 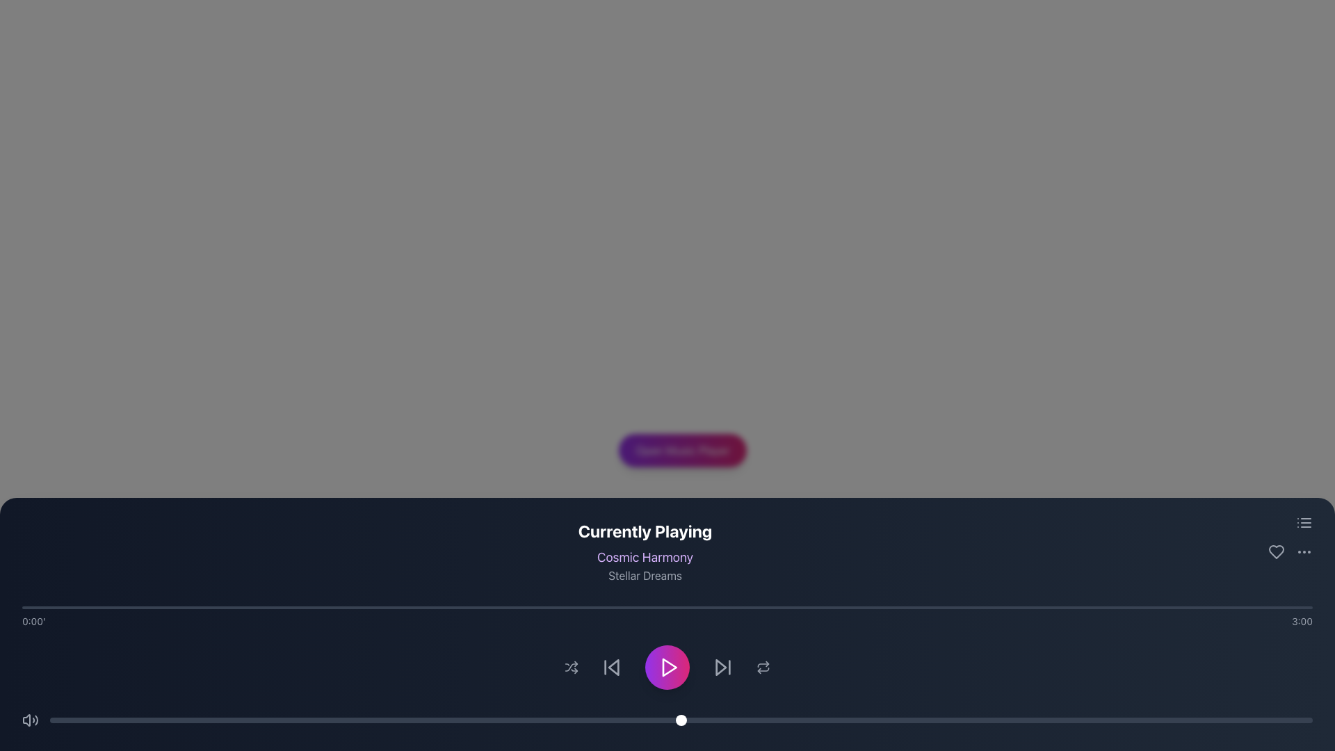 What do you see at coordinates (138, 720) in the screenshot?
I see `the slider` at bounding box center [138, 720].